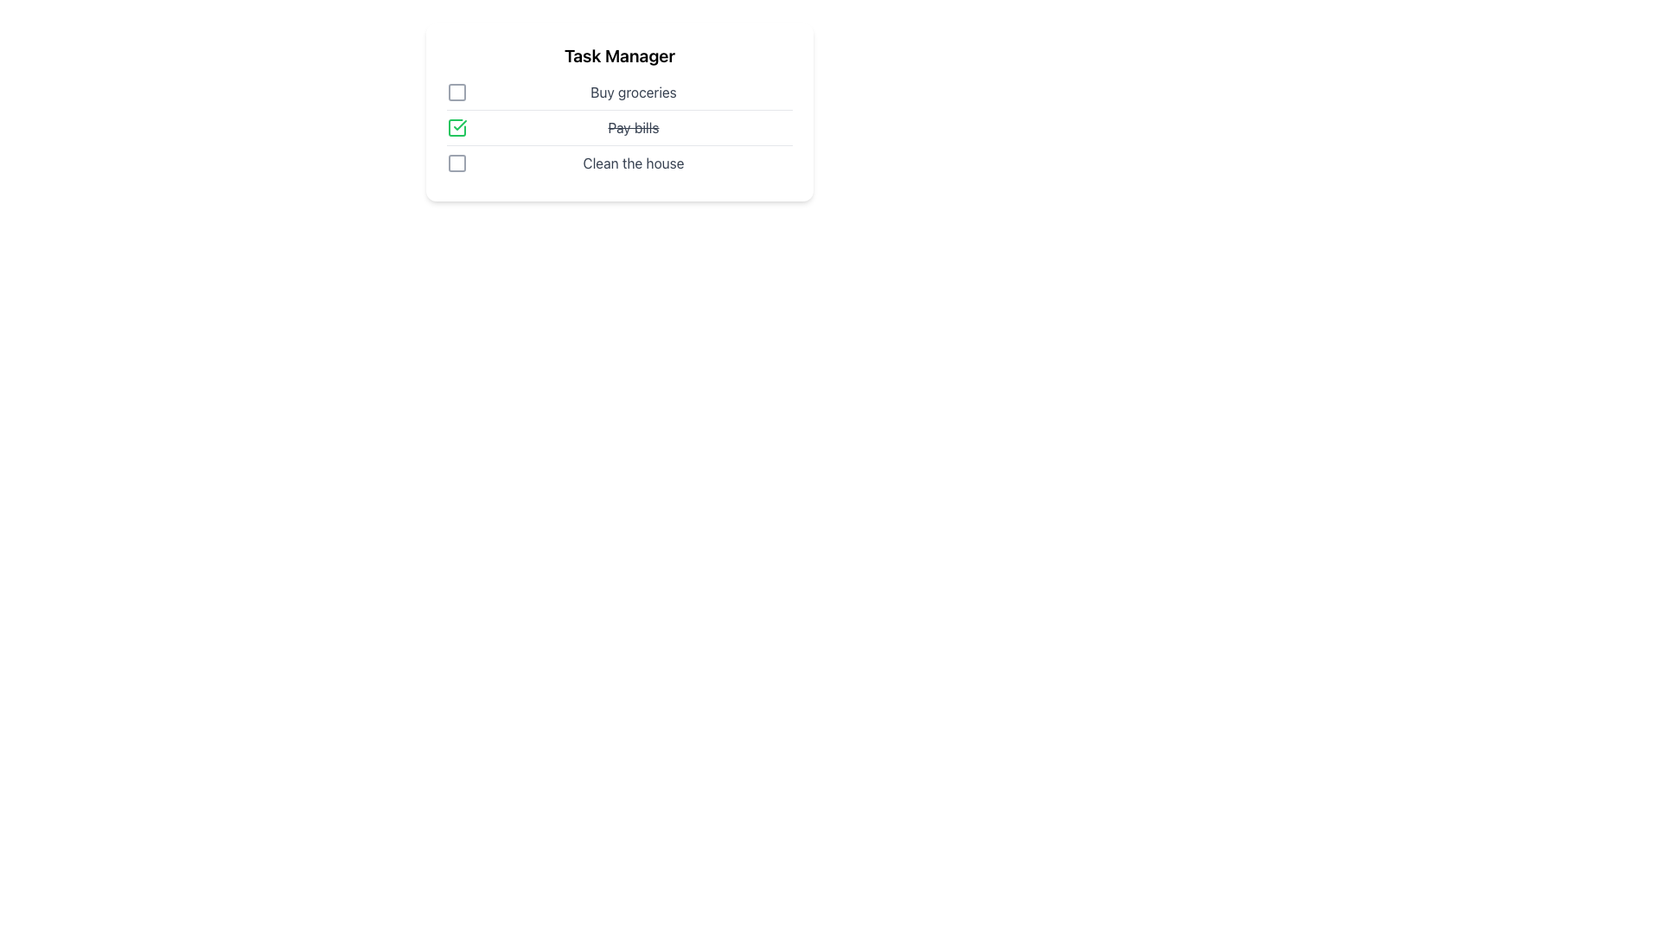 This screenshot has width=1660, height=934. Describe the element at coordinates (456, 163) in the screenshot. I see `the third icon in the task list interface related to the 'Clean the house' task` at that location.